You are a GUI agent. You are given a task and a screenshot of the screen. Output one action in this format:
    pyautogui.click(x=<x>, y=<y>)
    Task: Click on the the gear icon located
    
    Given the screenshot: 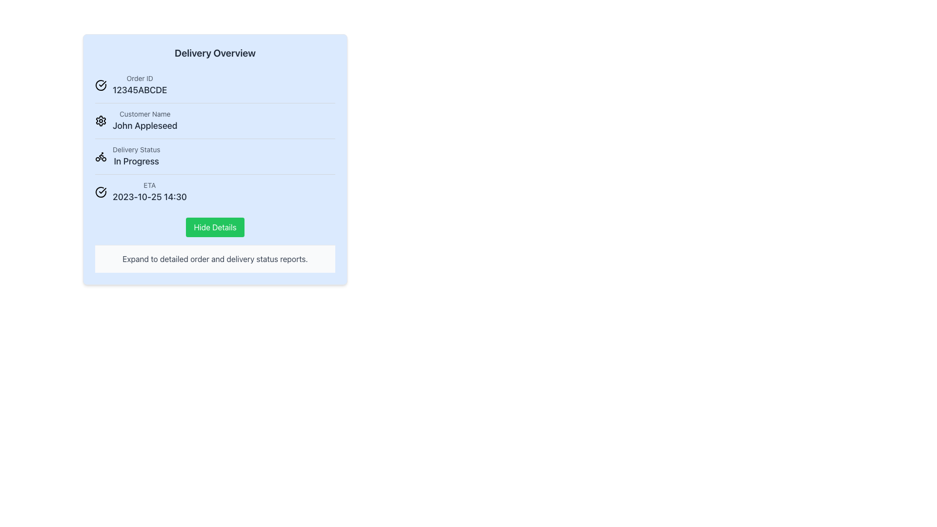 What is the action you would take?
    pyautogui.click(x=101, y=120)
    